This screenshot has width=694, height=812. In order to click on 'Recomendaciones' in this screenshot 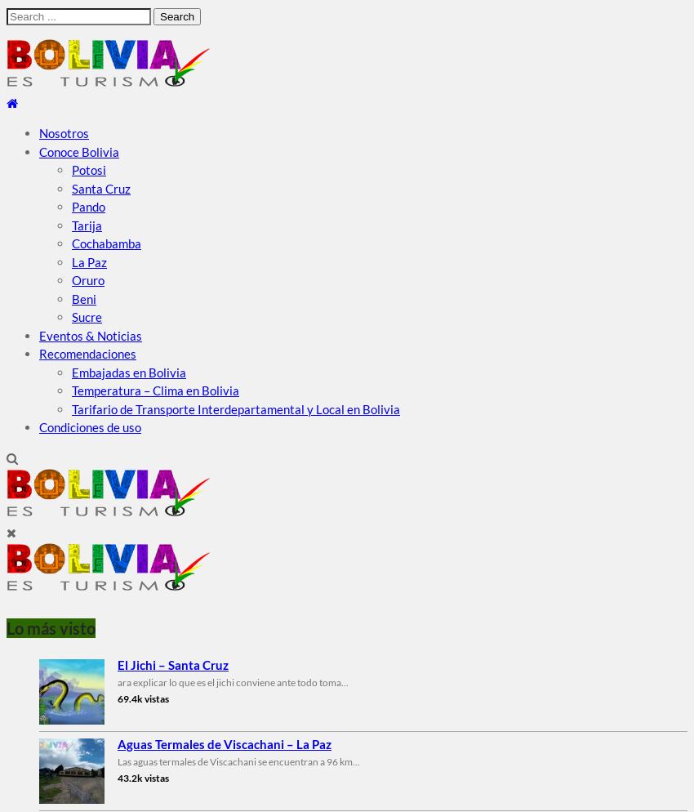, I will do `click(39, 353)`.